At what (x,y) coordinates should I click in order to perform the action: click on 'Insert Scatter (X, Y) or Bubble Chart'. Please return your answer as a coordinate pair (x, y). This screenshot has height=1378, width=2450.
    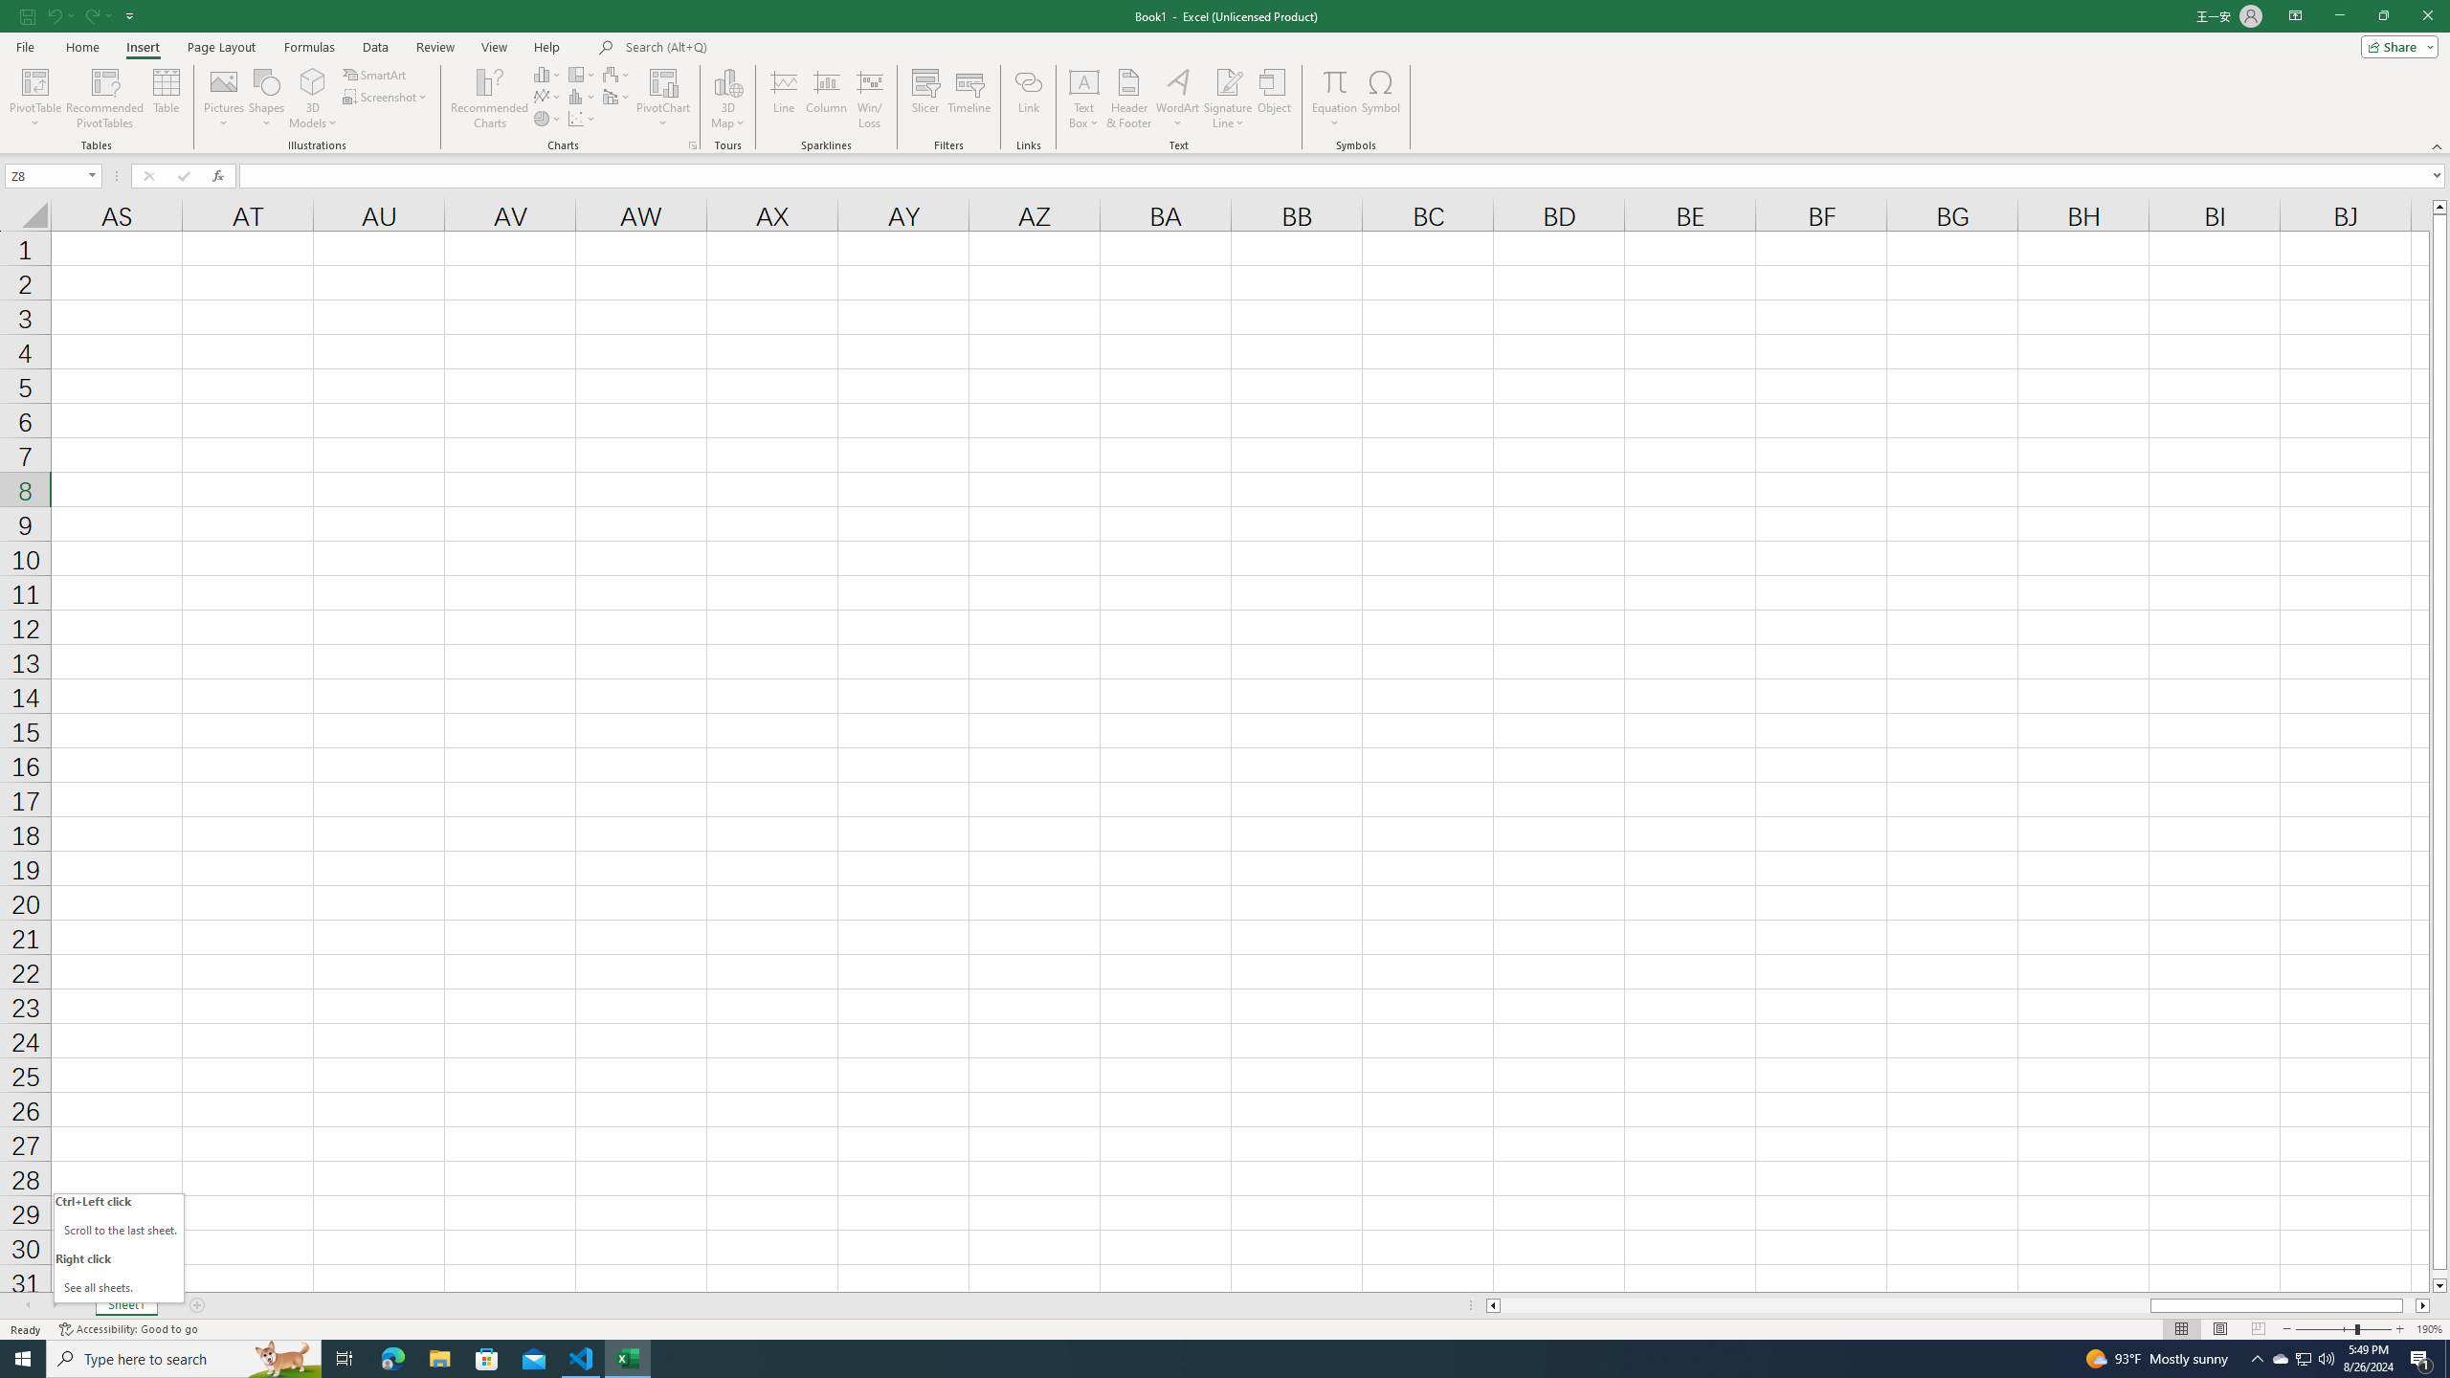
    Looking at the image, I should click on (582, 117).